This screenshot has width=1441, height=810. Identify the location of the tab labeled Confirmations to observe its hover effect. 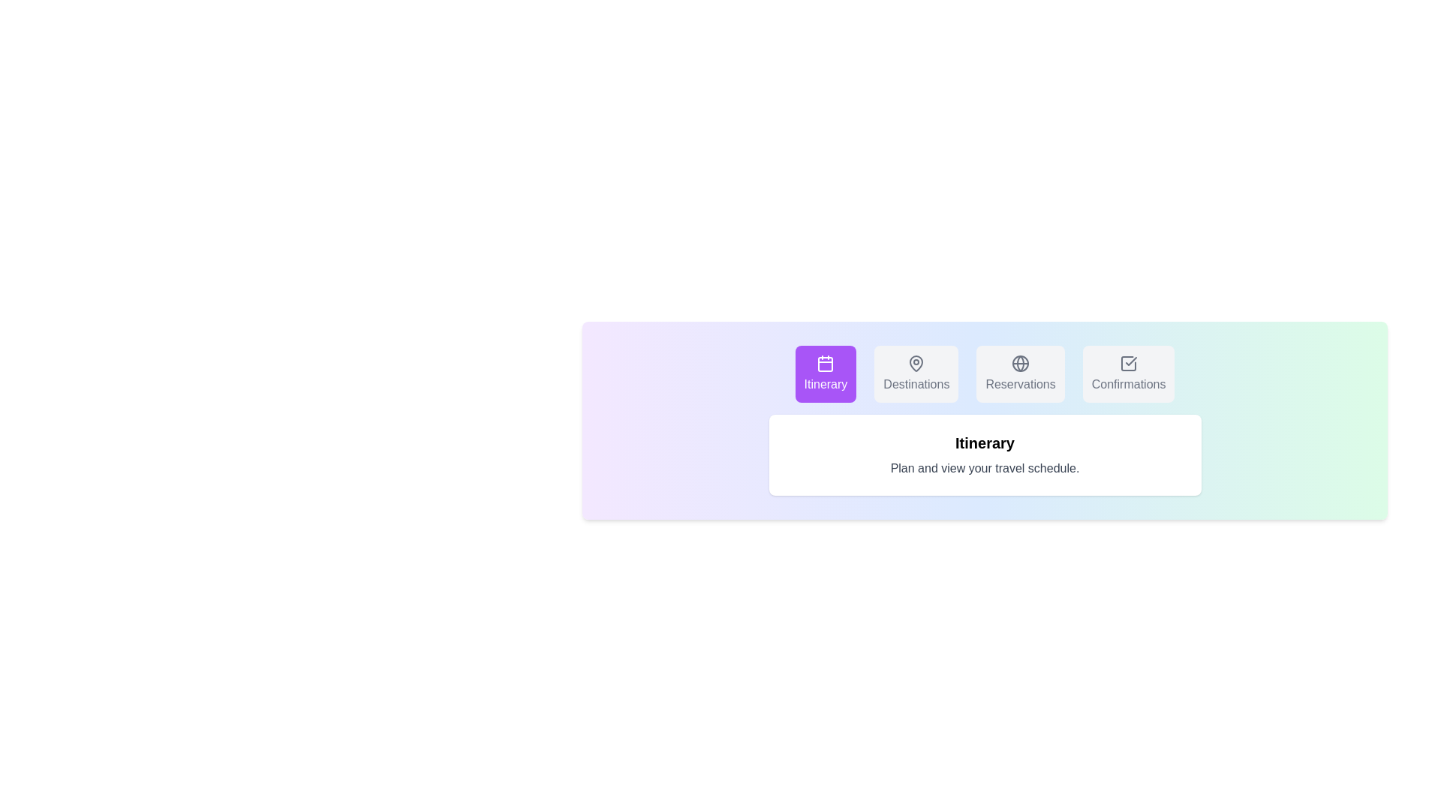
(1128, 373).